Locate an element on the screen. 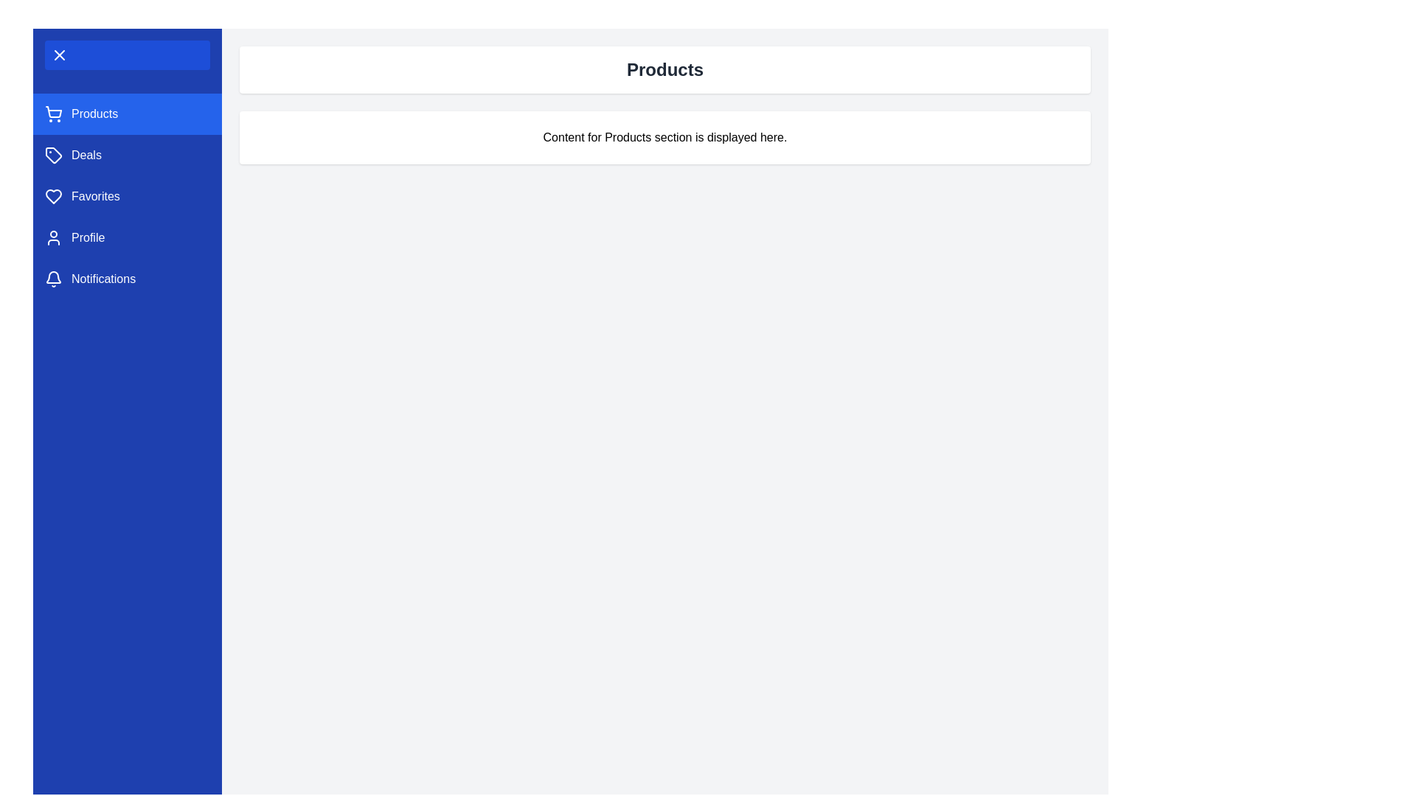 This screenshot has width=1416, height=796. the Notifications navigation link, which features a bell icon and the text 'Notifications', located in the left-sided navigation panel is located at coordinates (127, 279).